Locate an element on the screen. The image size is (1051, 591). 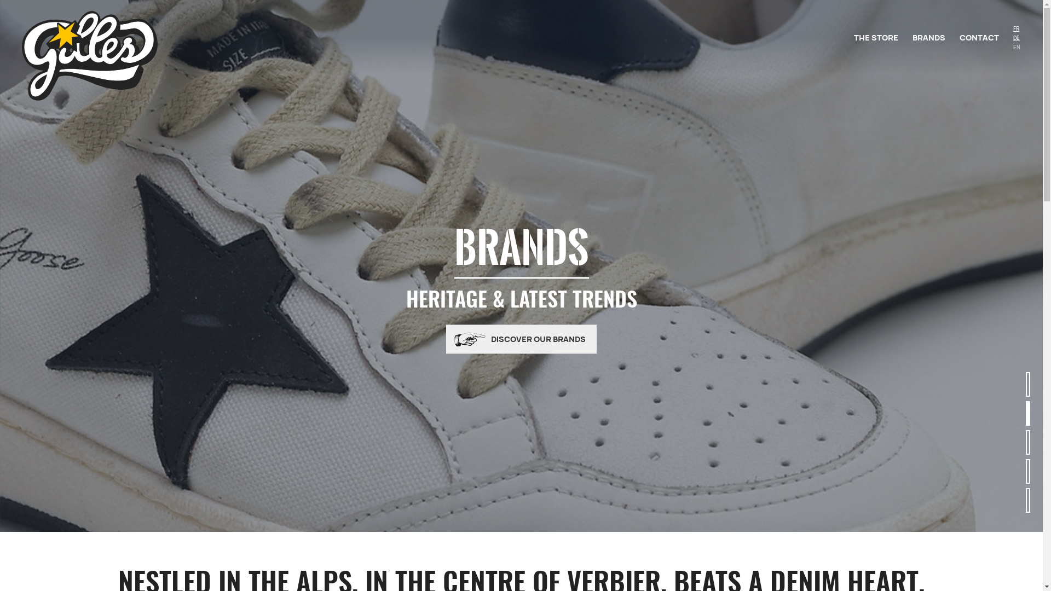
'FR' is located at coordinates (1013, 28).